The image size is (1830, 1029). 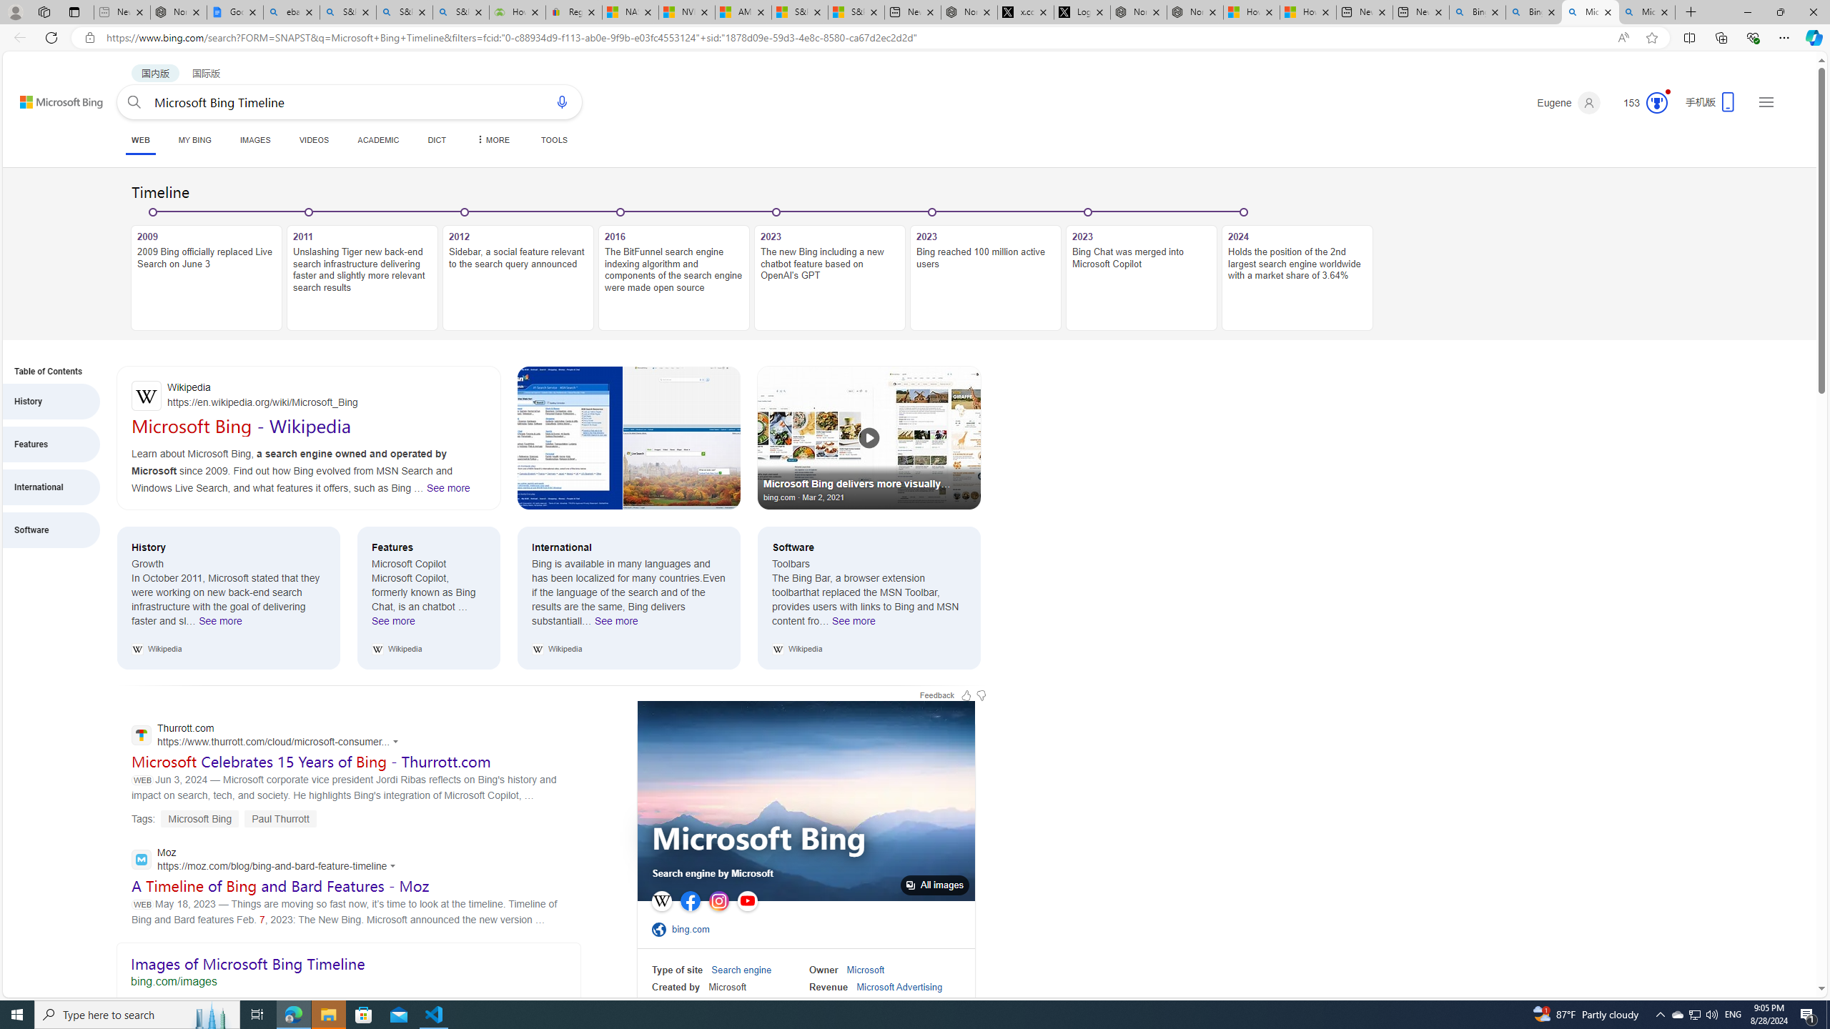 I want to click on 'Feedback Dislike', so click(x=980, y=695).